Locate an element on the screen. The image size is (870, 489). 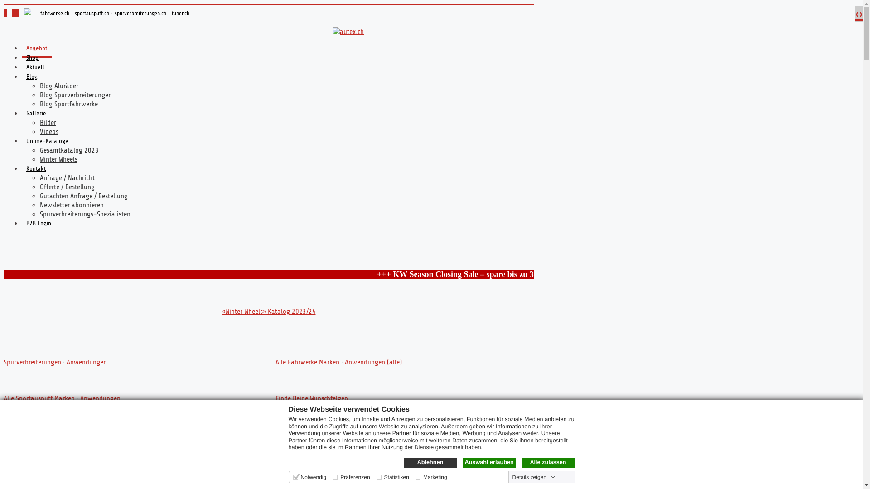
'Alle Fahrwerke Marken' is located at coordinates (307, 361).